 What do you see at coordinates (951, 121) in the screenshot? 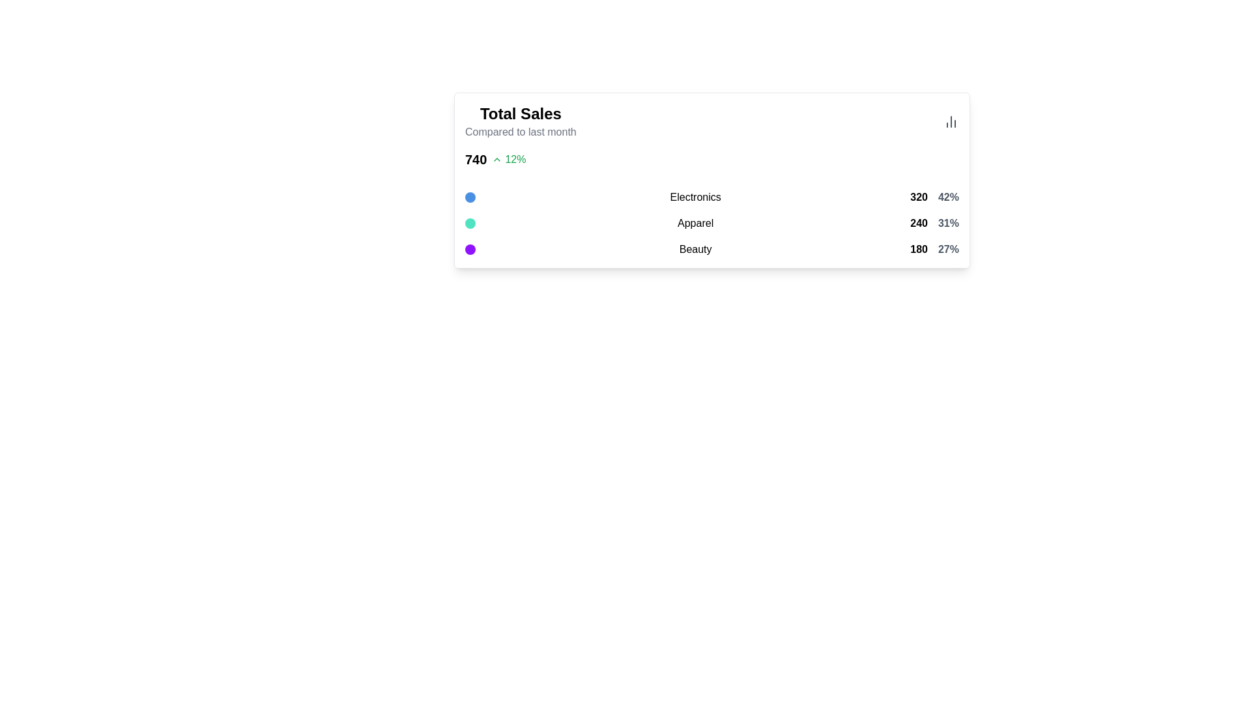
I see `the icon located` at bounding box center [951, 121].